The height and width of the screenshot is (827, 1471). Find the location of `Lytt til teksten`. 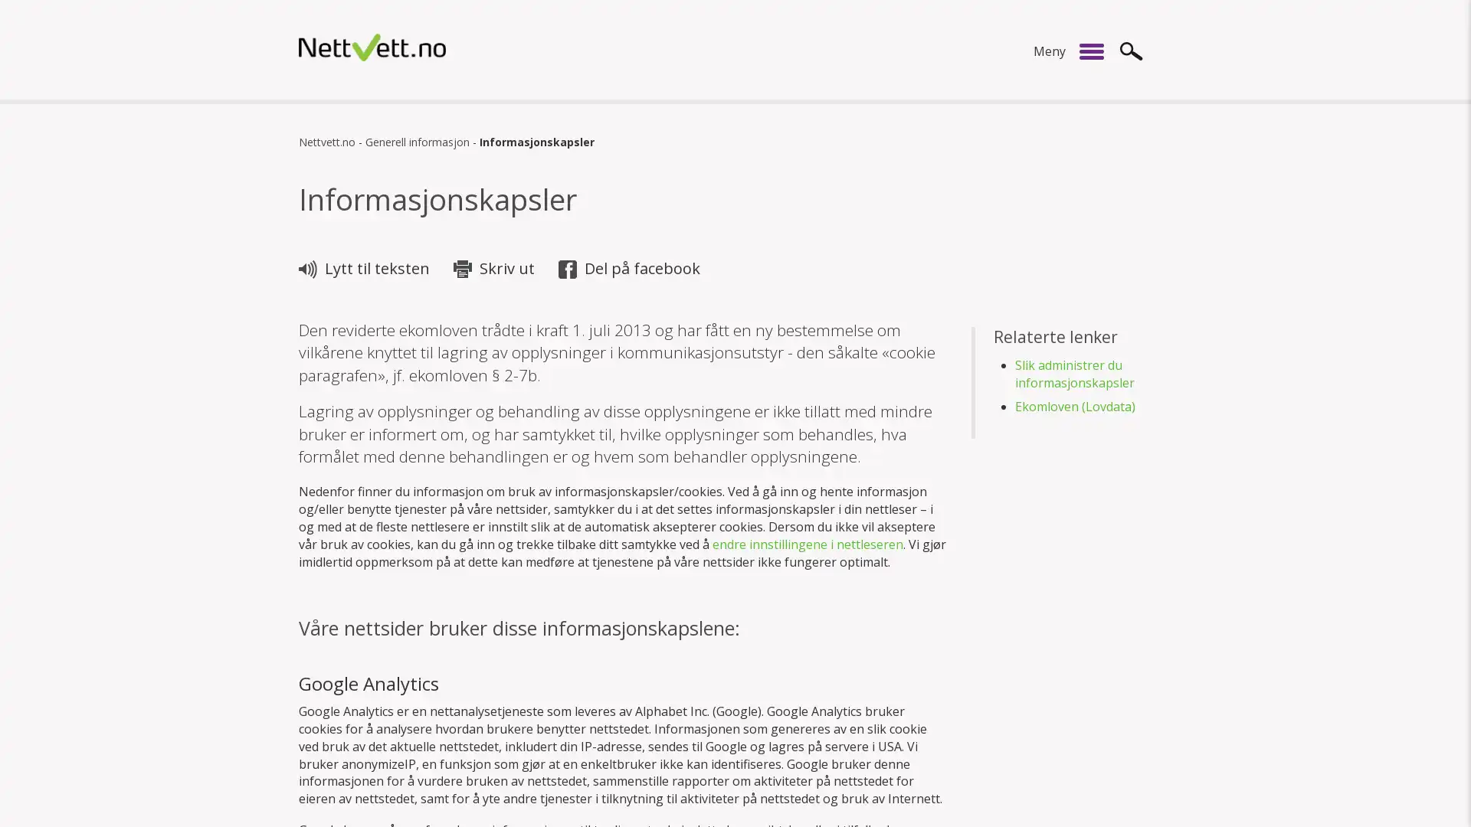

Lytt til teksten is located at coordinates (365, 268).